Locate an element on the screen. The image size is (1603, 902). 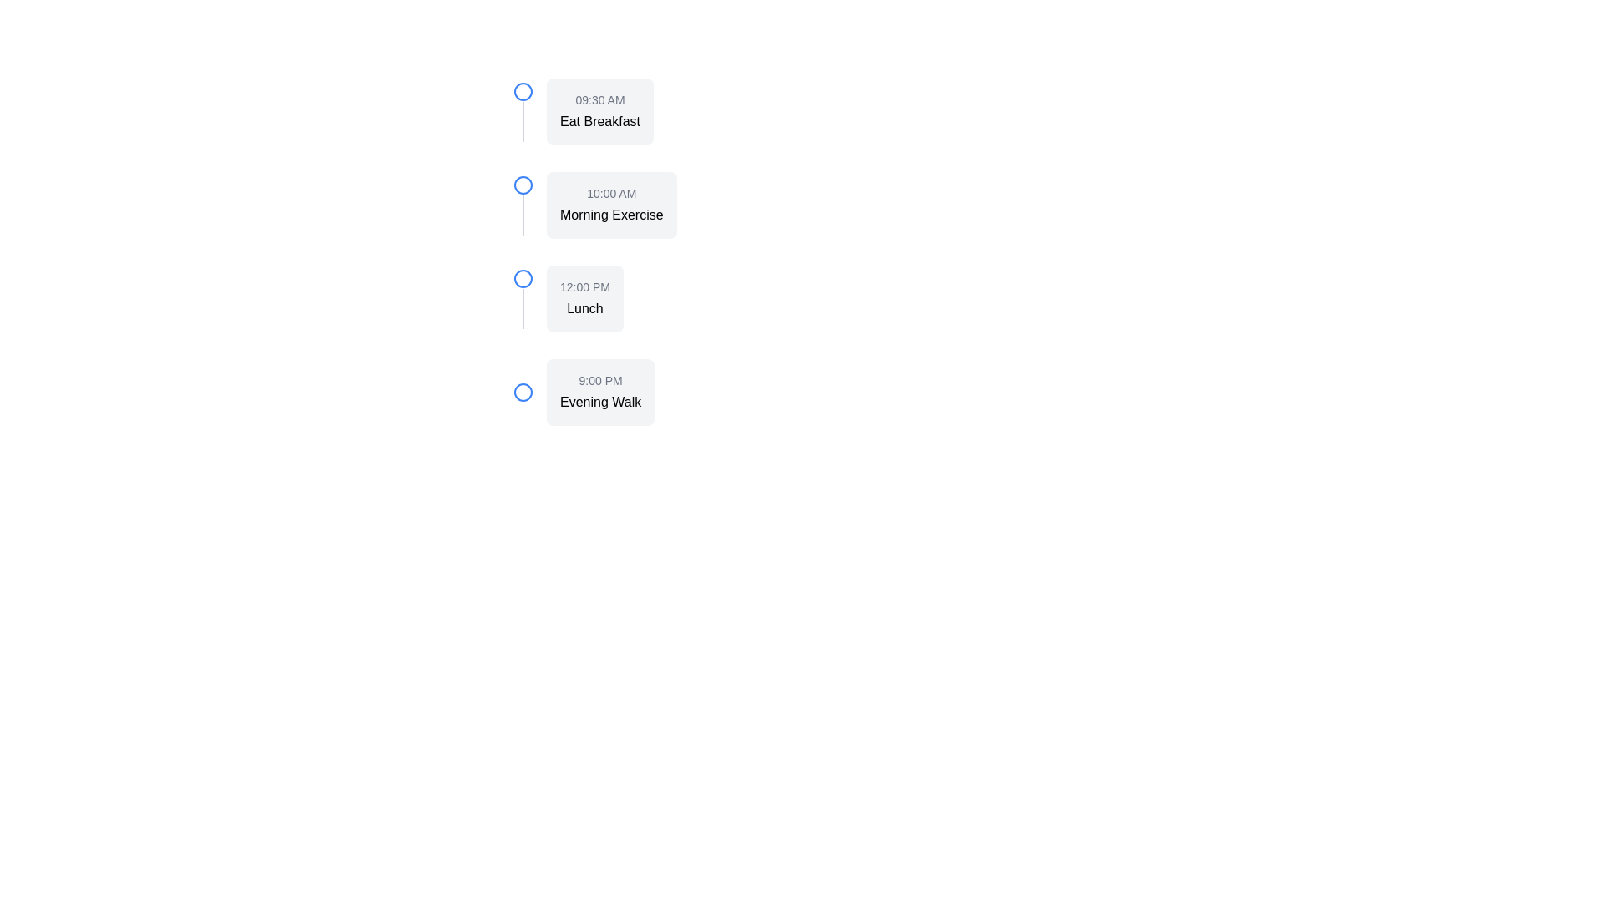
the icon located to the left of the '9:00 PM Evening Walk' text in the timeline UI is located at coordinates (523, 393).